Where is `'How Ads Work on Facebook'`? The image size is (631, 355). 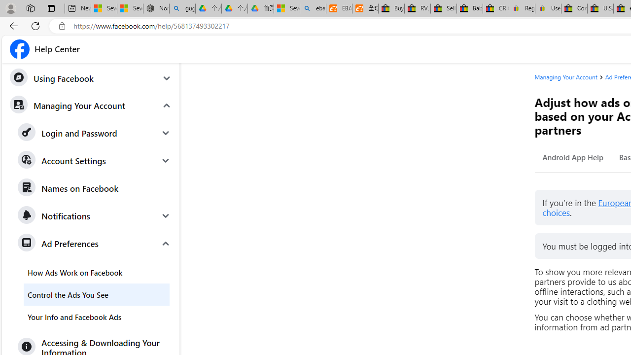 'How Ads Work on Facebook' is located at coordinates (96, 272).